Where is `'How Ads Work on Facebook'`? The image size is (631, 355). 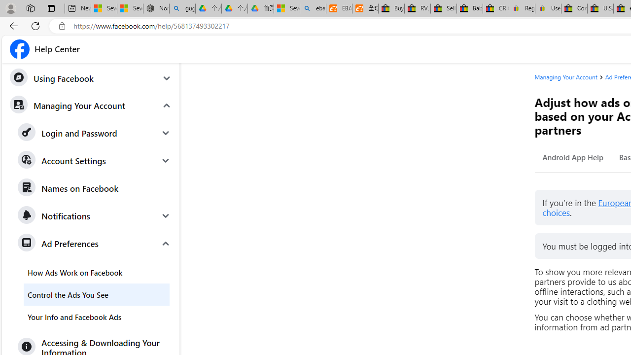 'How Ads Work on Facebook' is located at coordinates (96, 272).